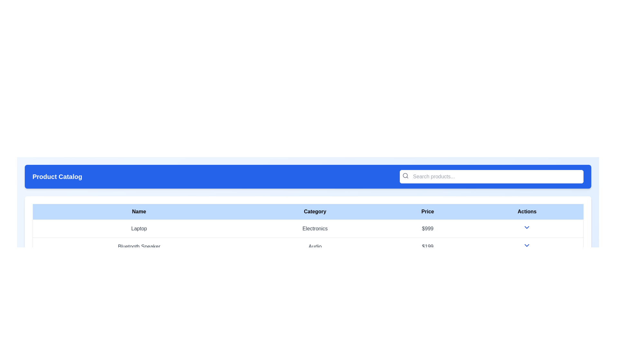 Image resolution: width=618 pixels, height=347 pixels. What do you see at coordinates (405, 176) in the screenshot?
I see `the gray magnifying glass icon located near the left edge of the 'Search products...' input box` at bounding box center [405, 176].